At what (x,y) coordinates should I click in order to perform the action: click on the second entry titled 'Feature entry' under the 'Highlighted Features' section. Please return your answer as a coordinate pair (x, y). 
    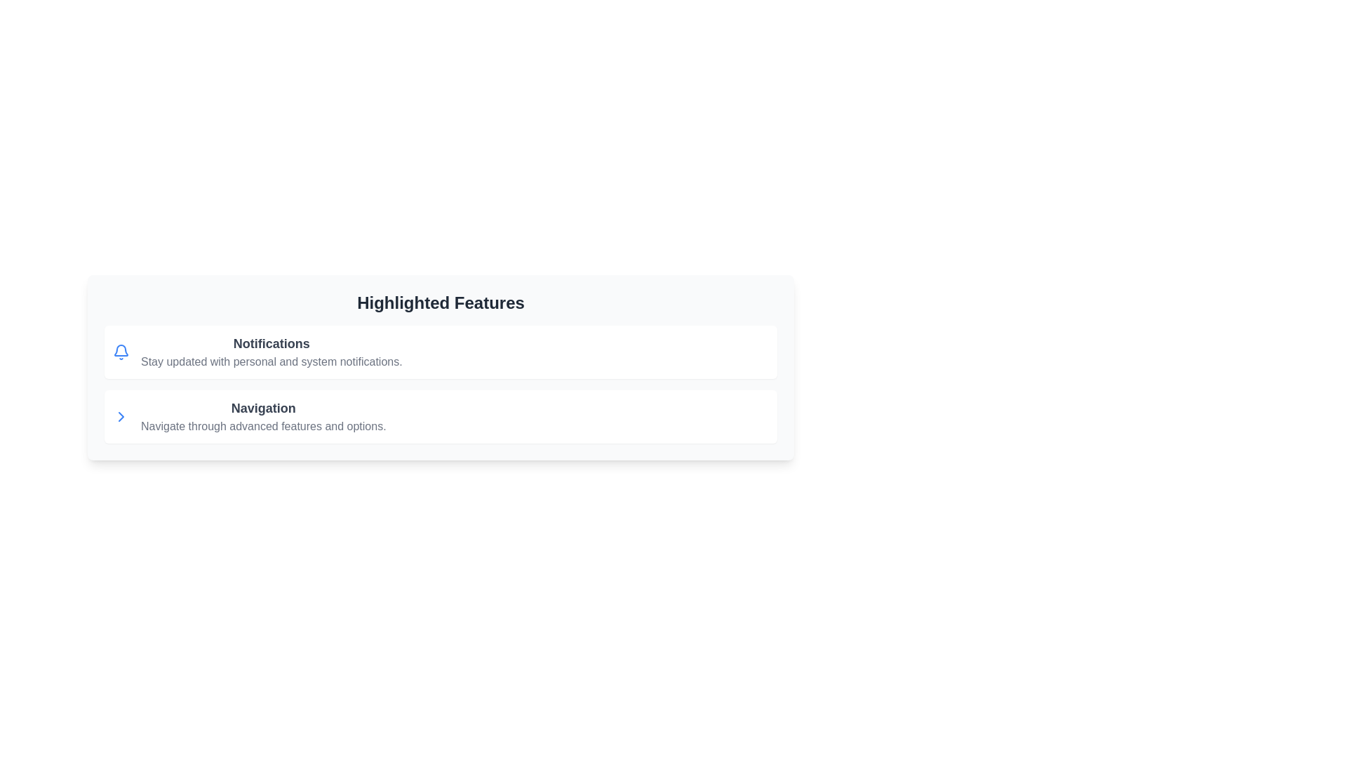
    Looking at the image, I should click on (440, 416).